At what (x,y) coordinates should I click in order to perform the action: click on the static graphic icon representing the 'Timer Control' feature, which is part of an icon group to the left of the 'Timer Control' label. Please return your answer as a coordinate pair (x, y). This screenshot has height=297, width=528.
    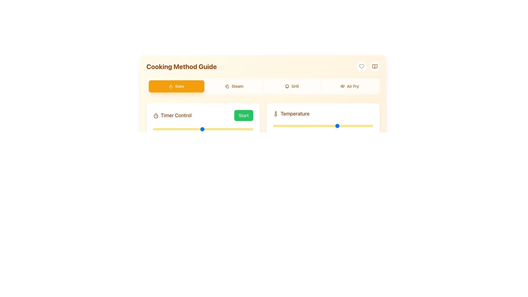
    Looking at the image, I should click on (155, 116).